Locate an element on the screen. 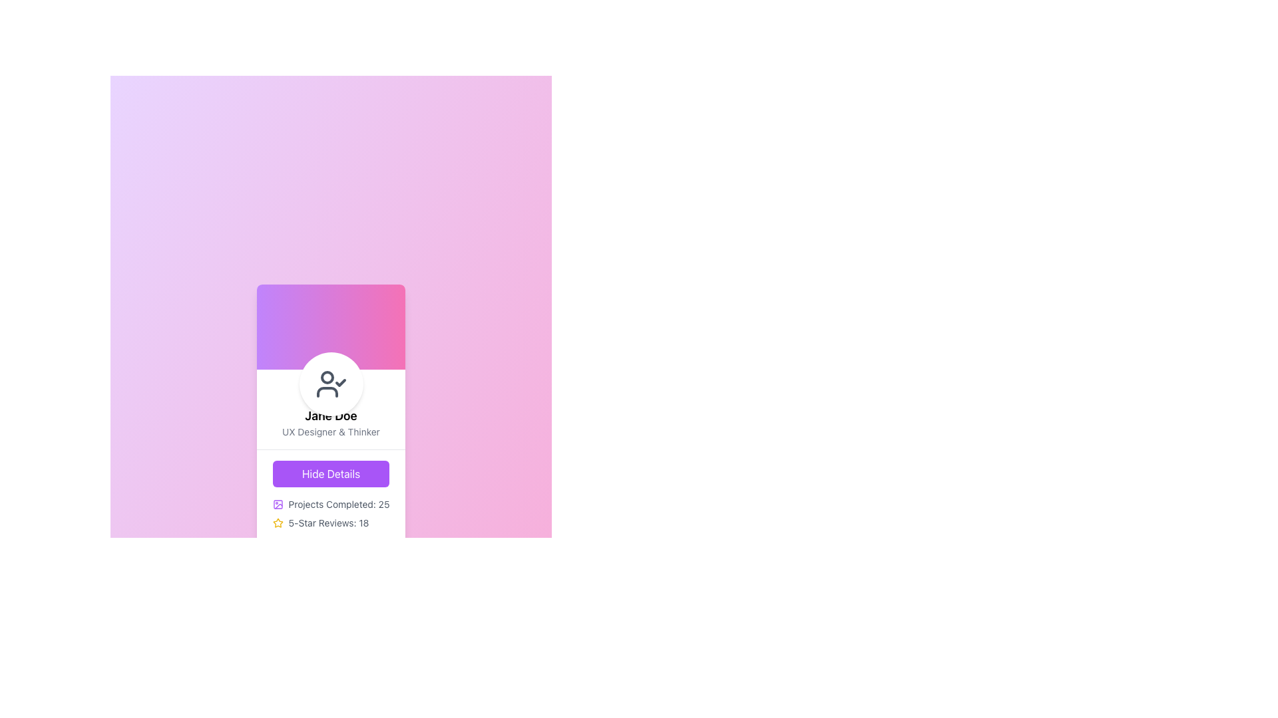  the text label displaying 'UX Designer & Thinker' located beneath 'Jane Doe' in the card layout is located at coordinates (331, 431).